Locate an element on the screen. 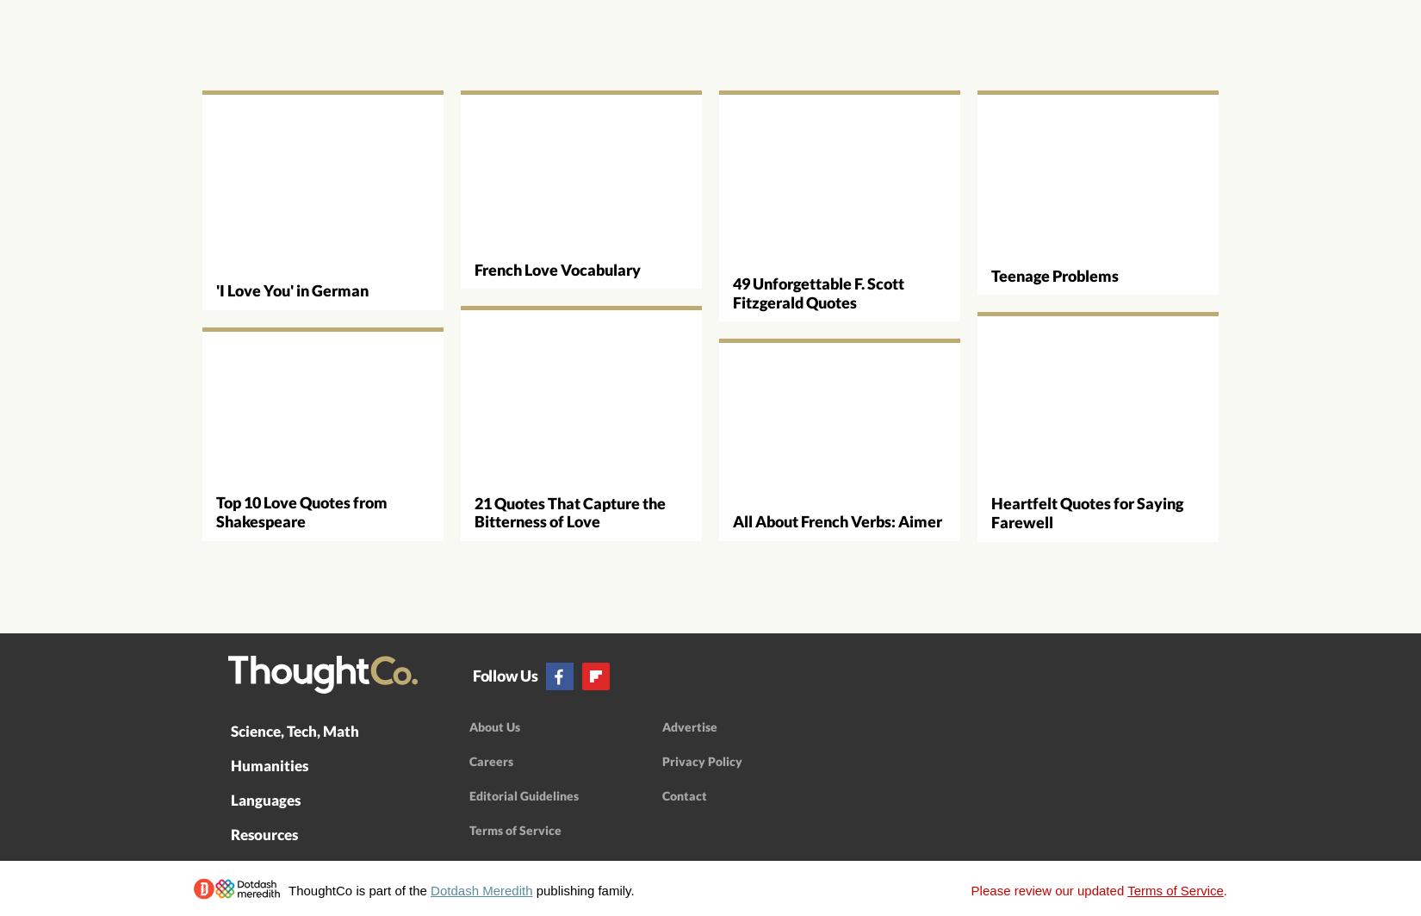  'ThoughtCo is part of the' is located at coordinates (288, 888).